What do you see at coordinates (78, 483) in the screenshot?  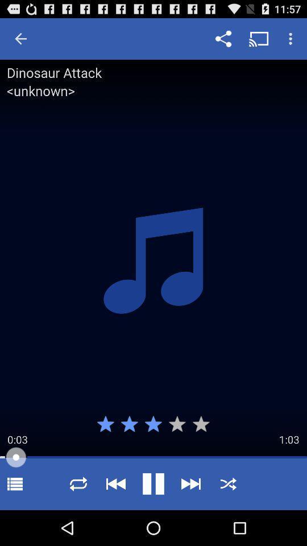 I see `repeat selection` at bounding box center [78, 483].